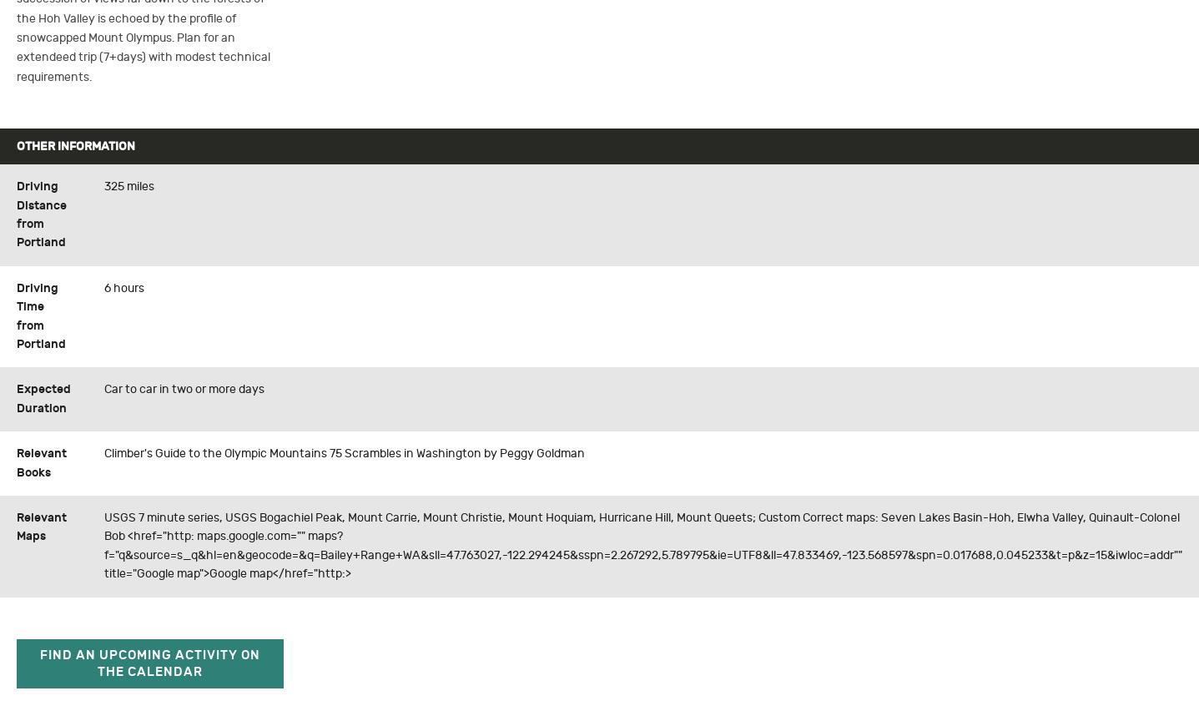 The height and width of the screenshot is (716, 1199). What do you see at coordinates (124, 287) in the screenshot?
I see `'6 hours'` at bounding box center [124, 287].